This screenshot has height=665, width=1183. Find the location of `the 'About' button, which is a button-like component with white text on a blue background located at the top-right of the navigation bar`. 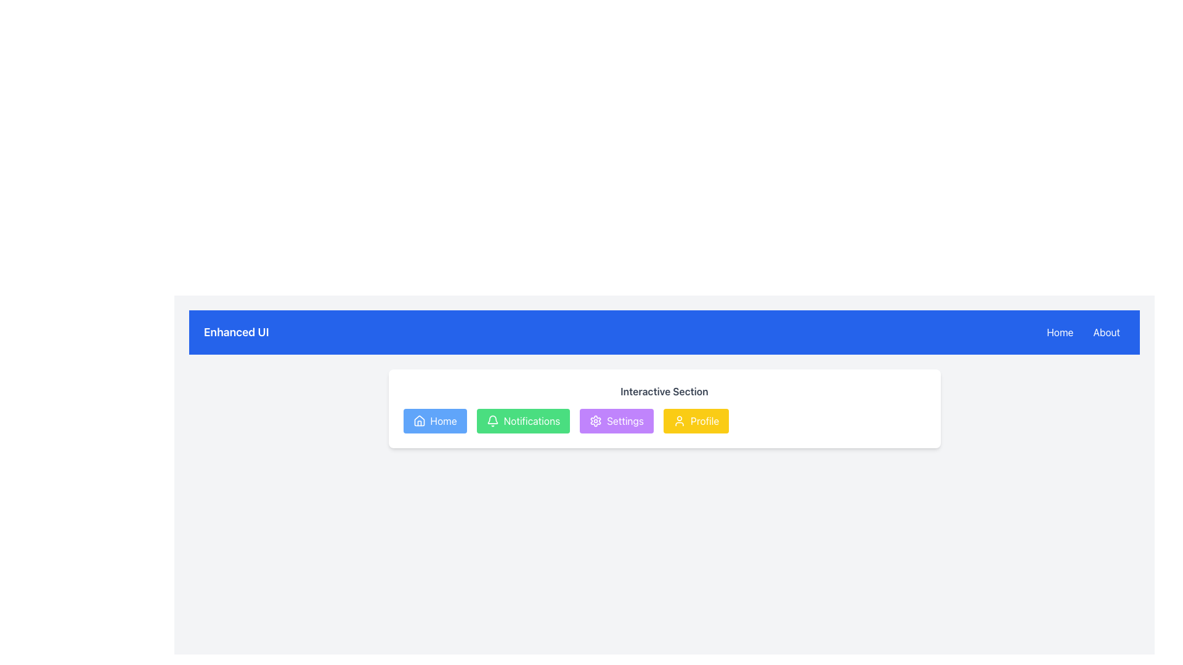

the 'About' button, which is a button-like component with white text on a blue background located at the top-right of the navigation bar is located at coordinates (1107, 332).